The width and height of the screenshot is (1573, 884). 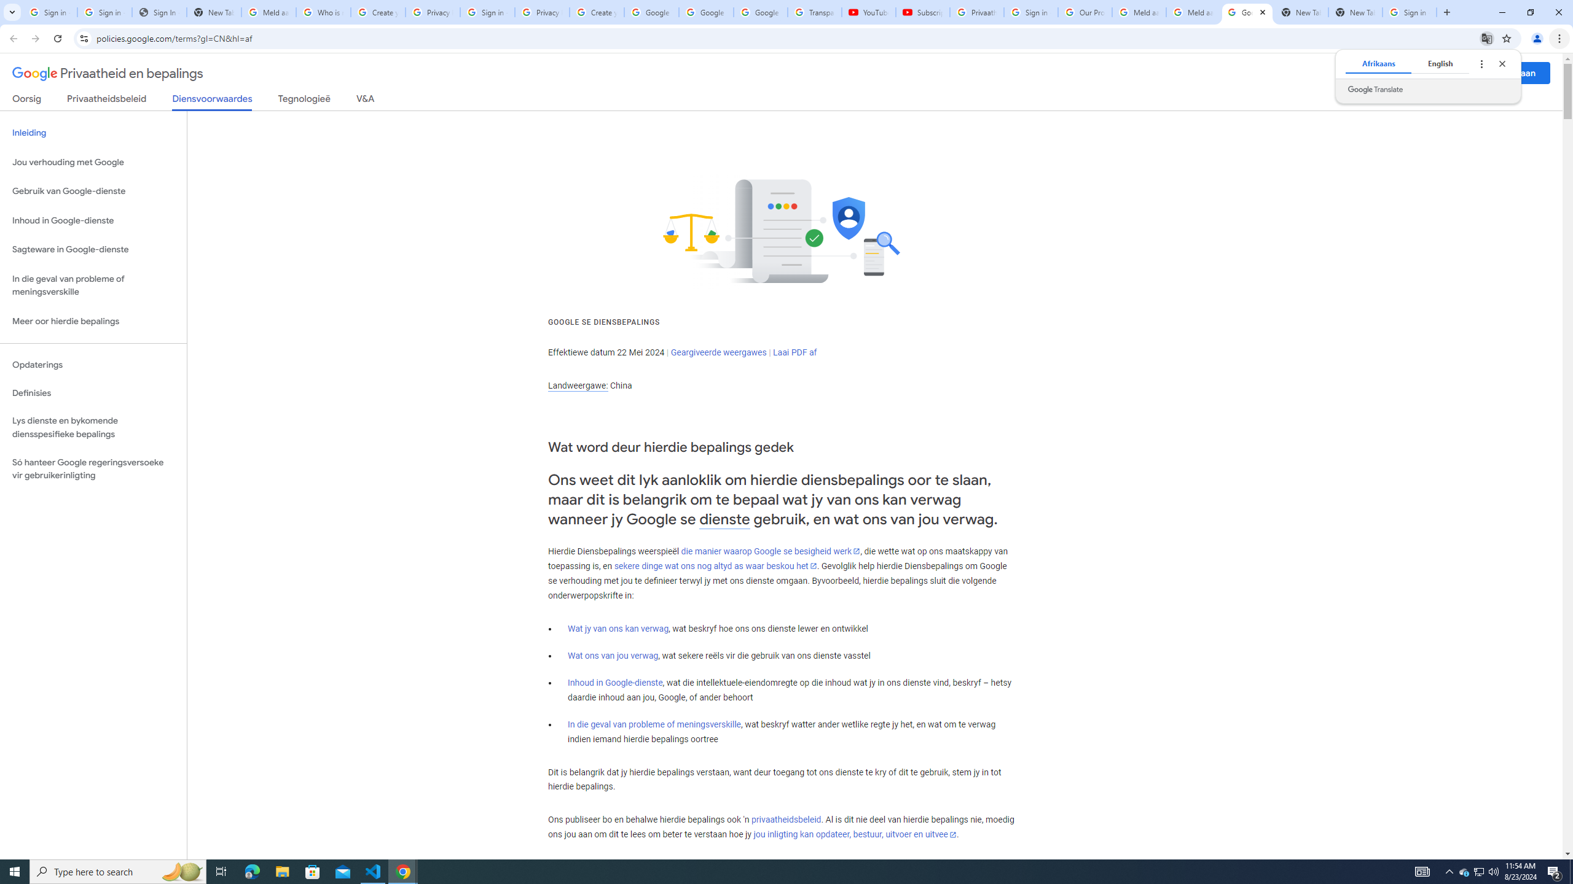 I want to click on 'New Tab', so click(x=1355, y=12).